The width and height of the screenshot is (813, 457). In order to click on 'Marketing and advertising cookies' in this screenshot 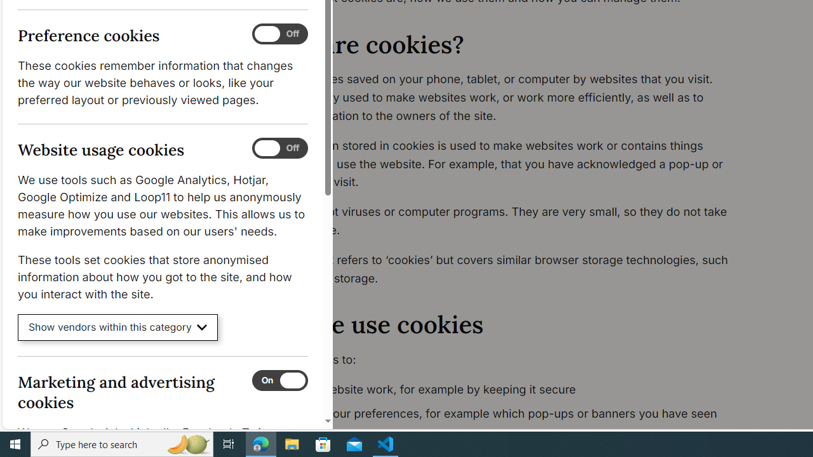, I will do `click(279, 380)`.